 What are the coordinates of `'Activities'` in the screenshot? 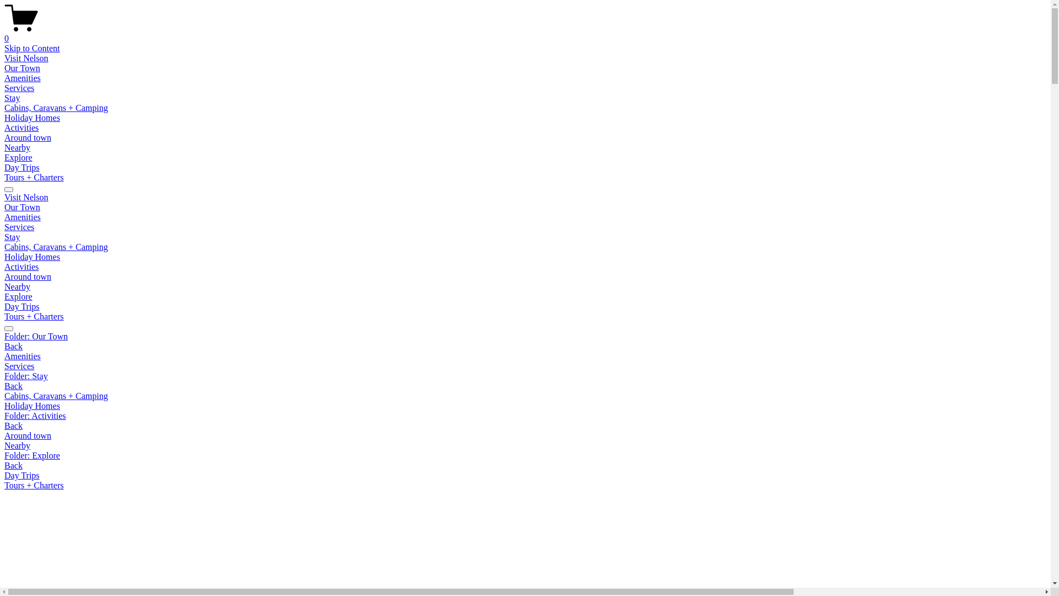 It's located at (21, 127).